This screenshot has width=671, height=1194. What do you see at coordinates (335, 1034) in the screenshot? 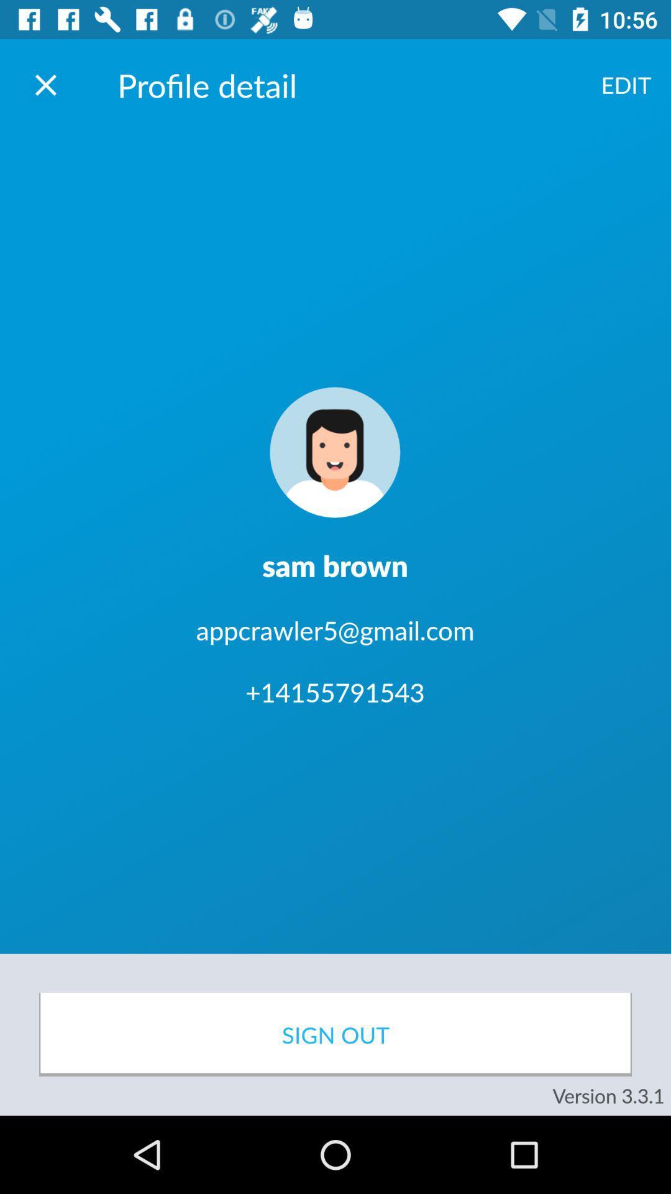
I see `sign out` at bounding box center [335, 1034].